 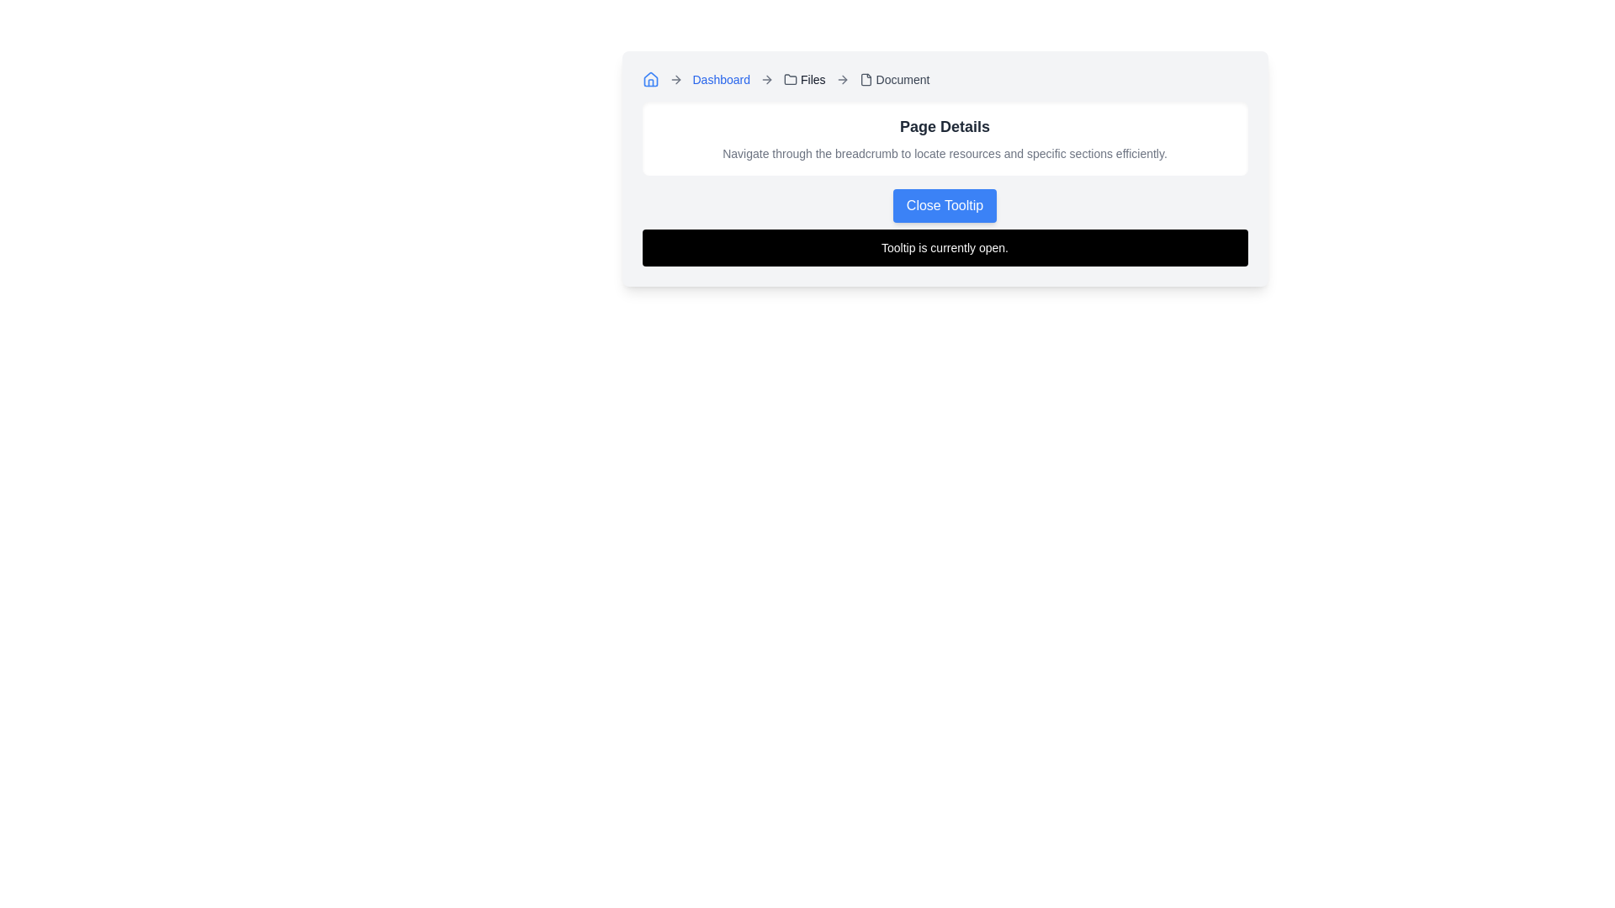 What do you see at coordinates (866, 80) in the screenshot?
I see `the file document icon, which is a light gray minimalistic design located in the breadcrumb before the 'Document' text` at bounding box center [866, 80].